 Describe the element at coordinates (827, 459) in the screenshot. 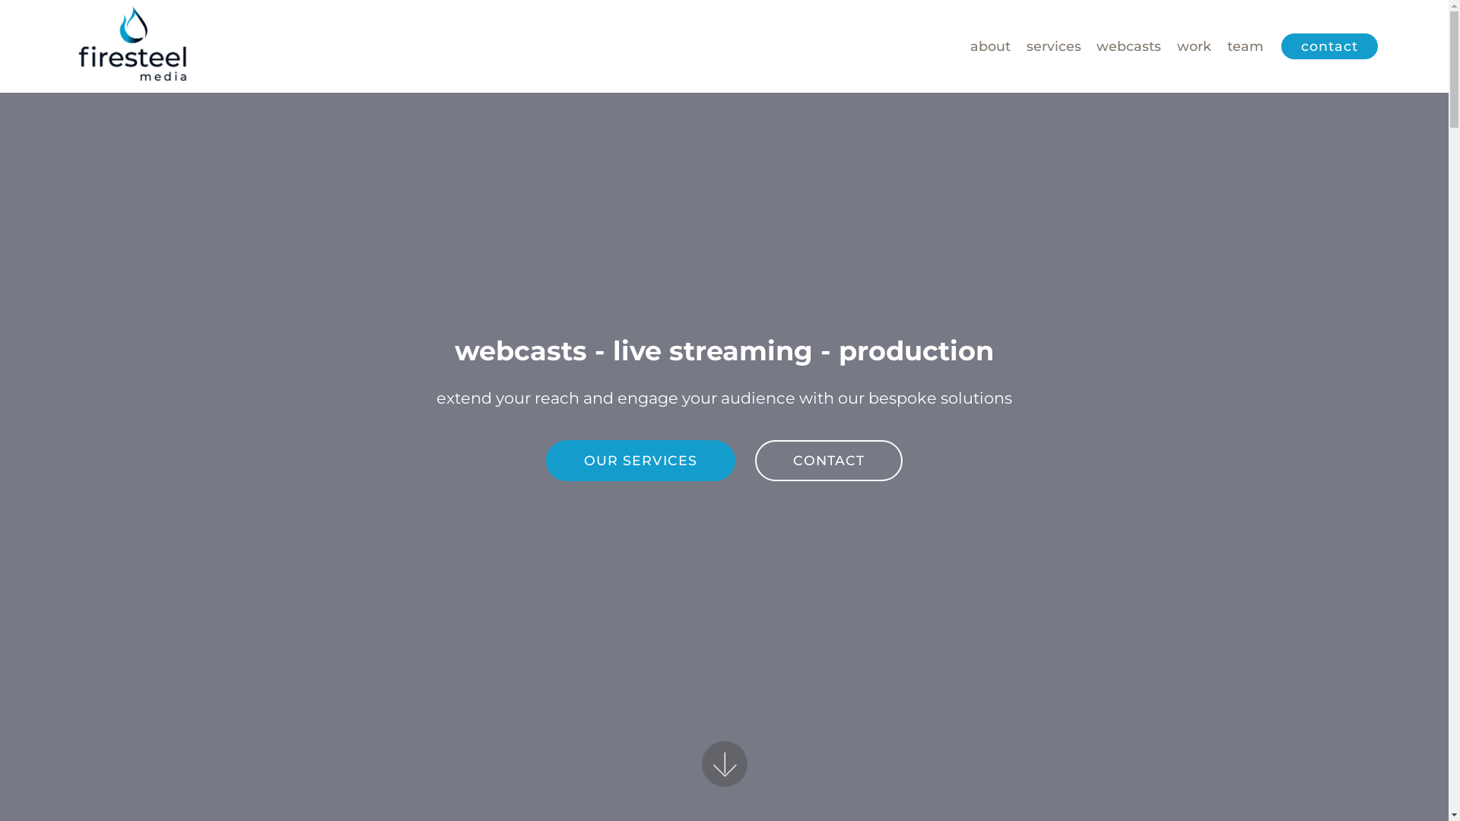

I see `'CONTACT'` at that location.